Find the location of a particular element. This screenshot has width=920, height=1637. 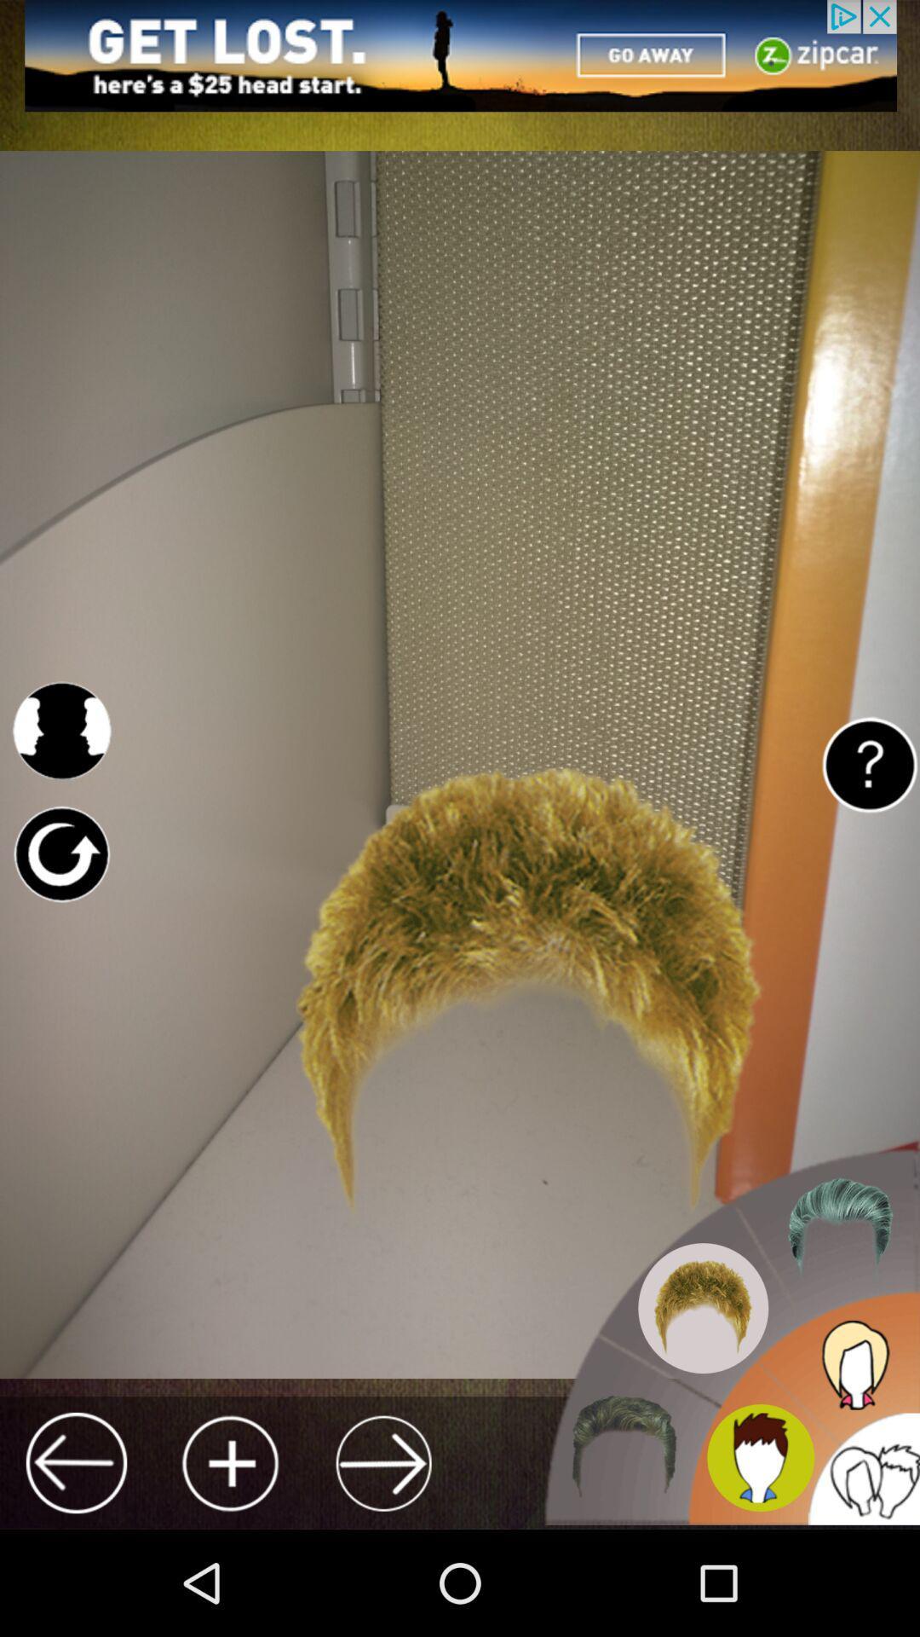

undo button is located at coordinates (60, 854).